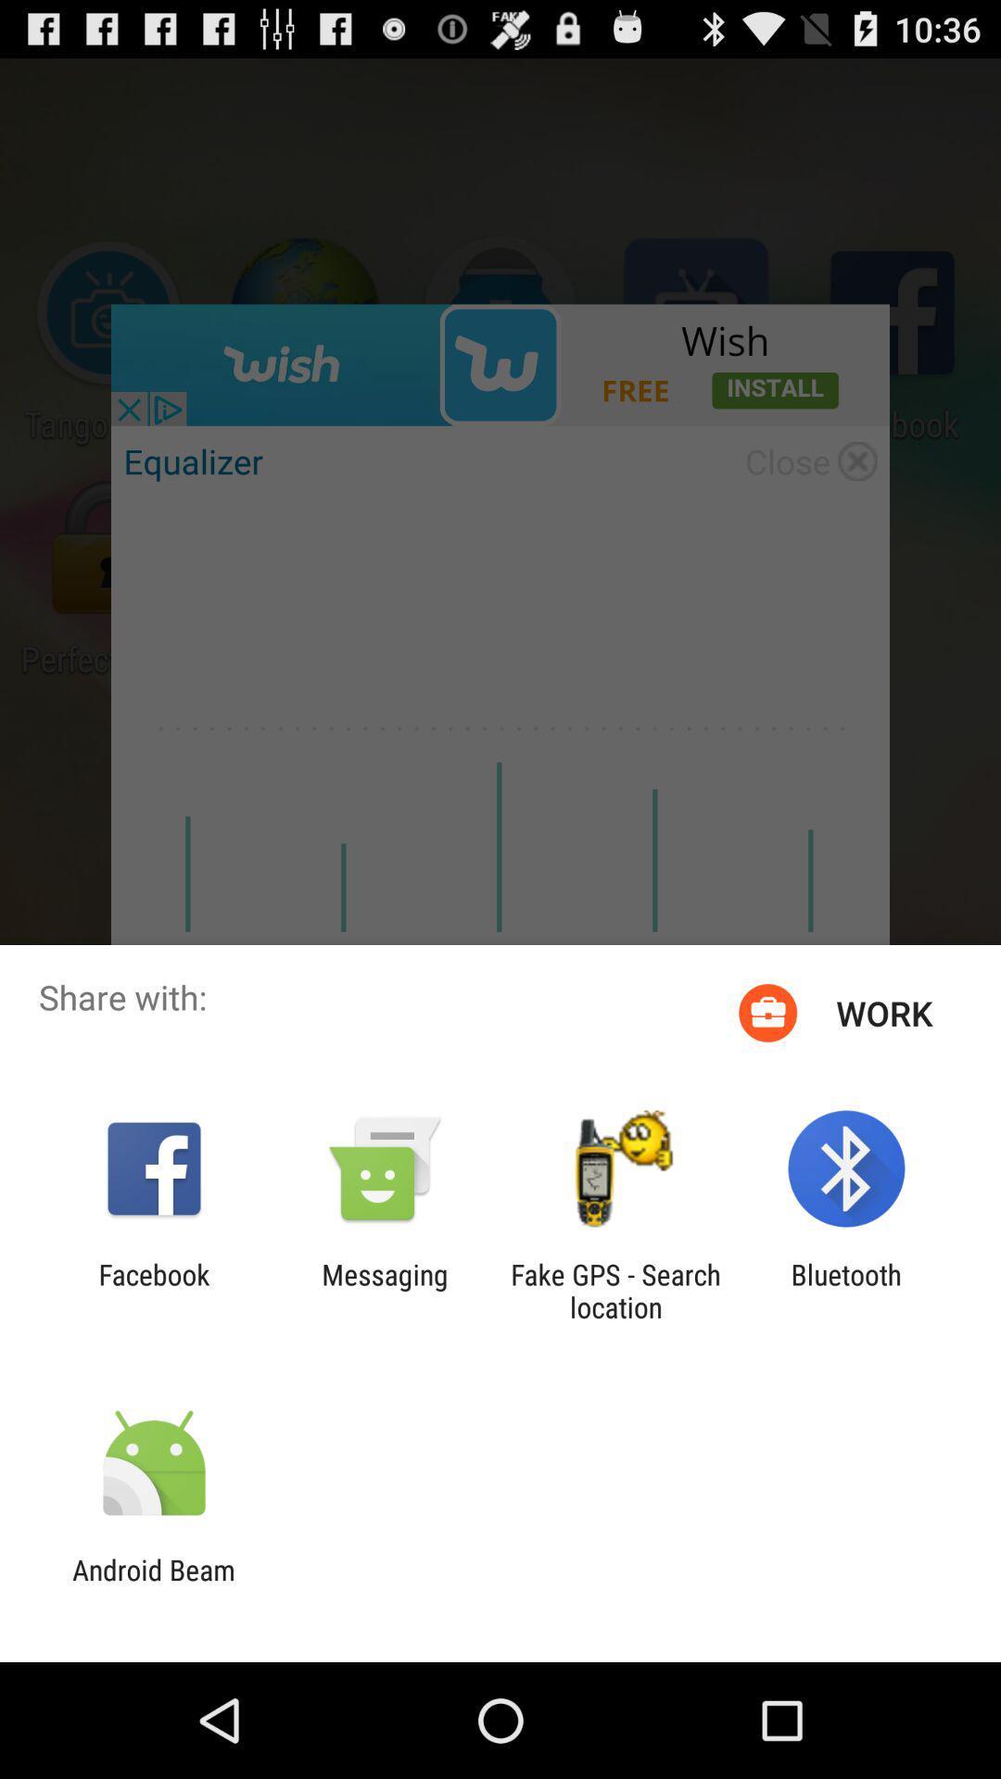 The height and width of the screenshot is (1779, 1001). Describe the element at coordinates (384, 1290) in the screenshot. I see `item to the right of facebook icon` at that location.